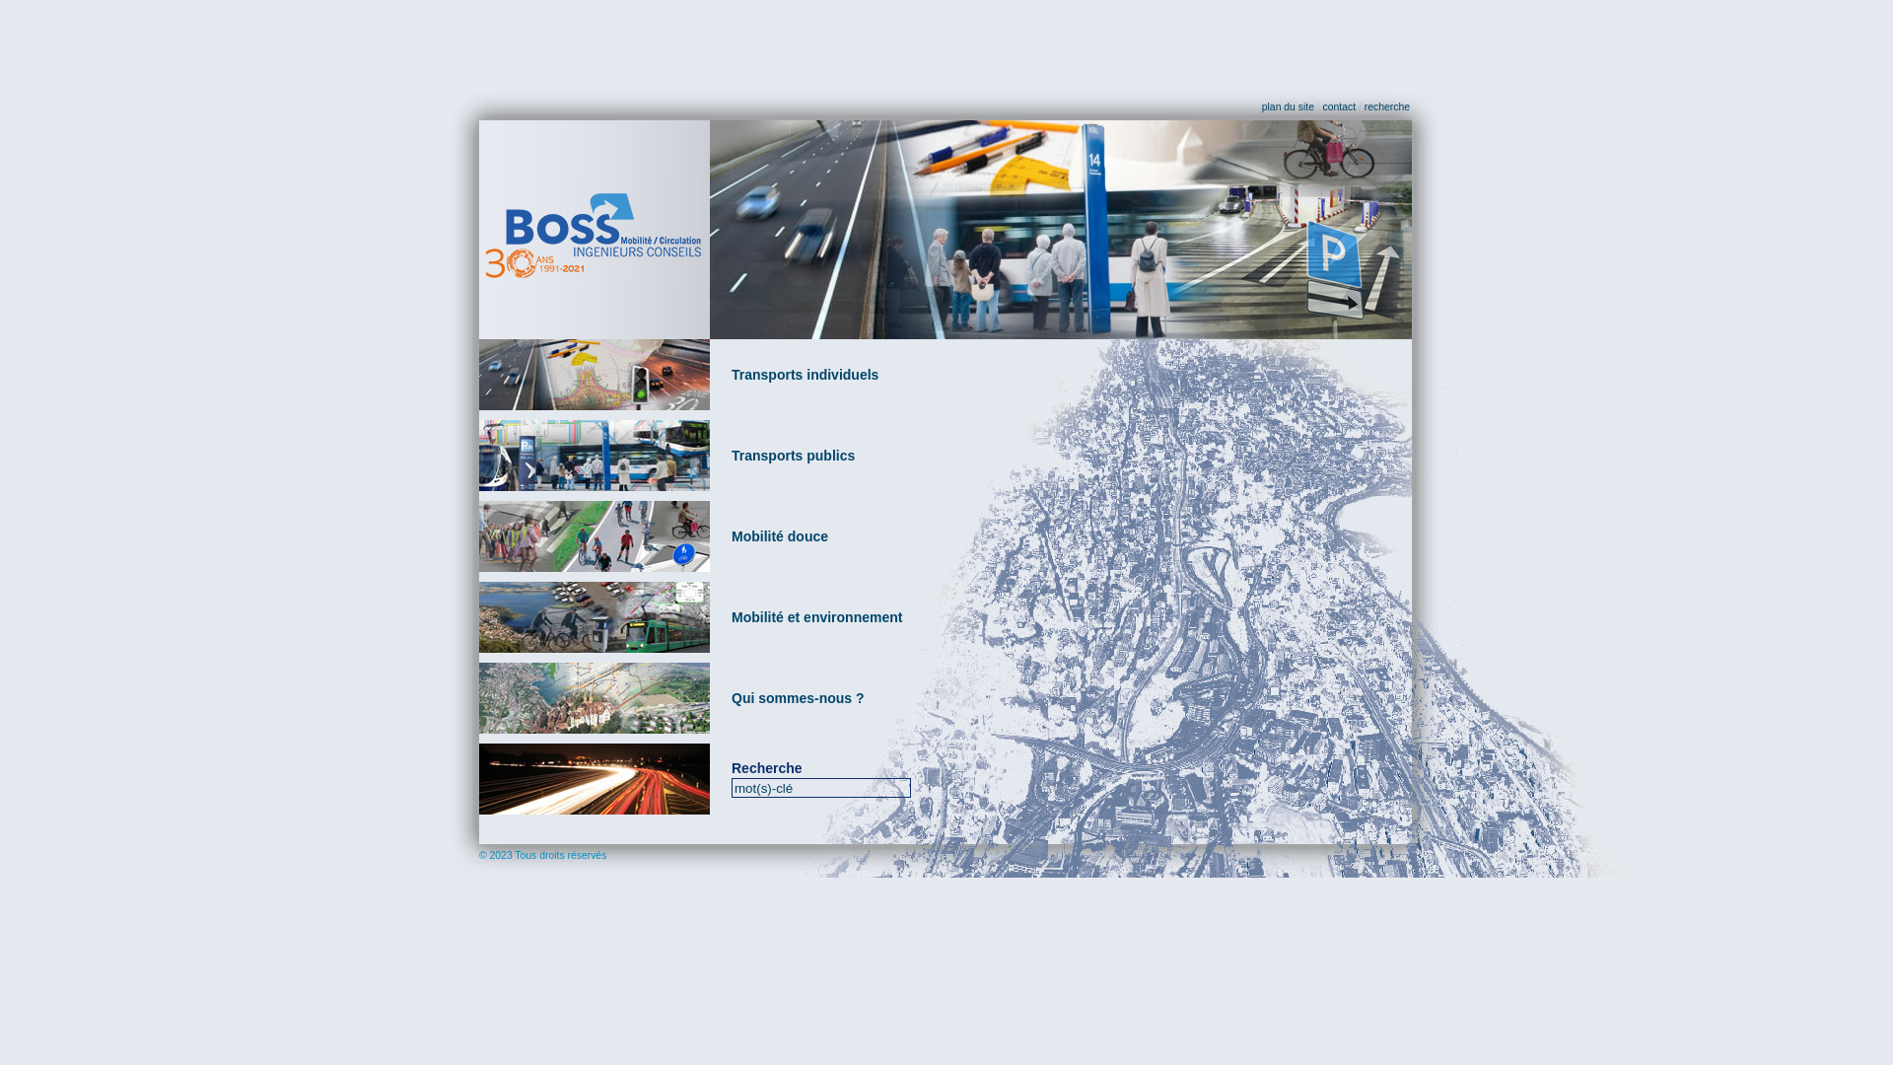 Image resolution: width=1893 pixels, height=1065 pixels. I want to click on 'contact', so click(1339, 106).